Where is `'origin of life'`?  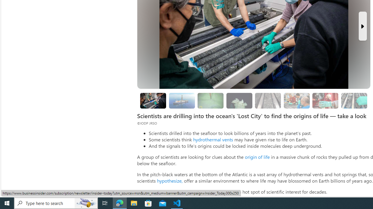 'origin of life' is located at coordinates (257, 157).